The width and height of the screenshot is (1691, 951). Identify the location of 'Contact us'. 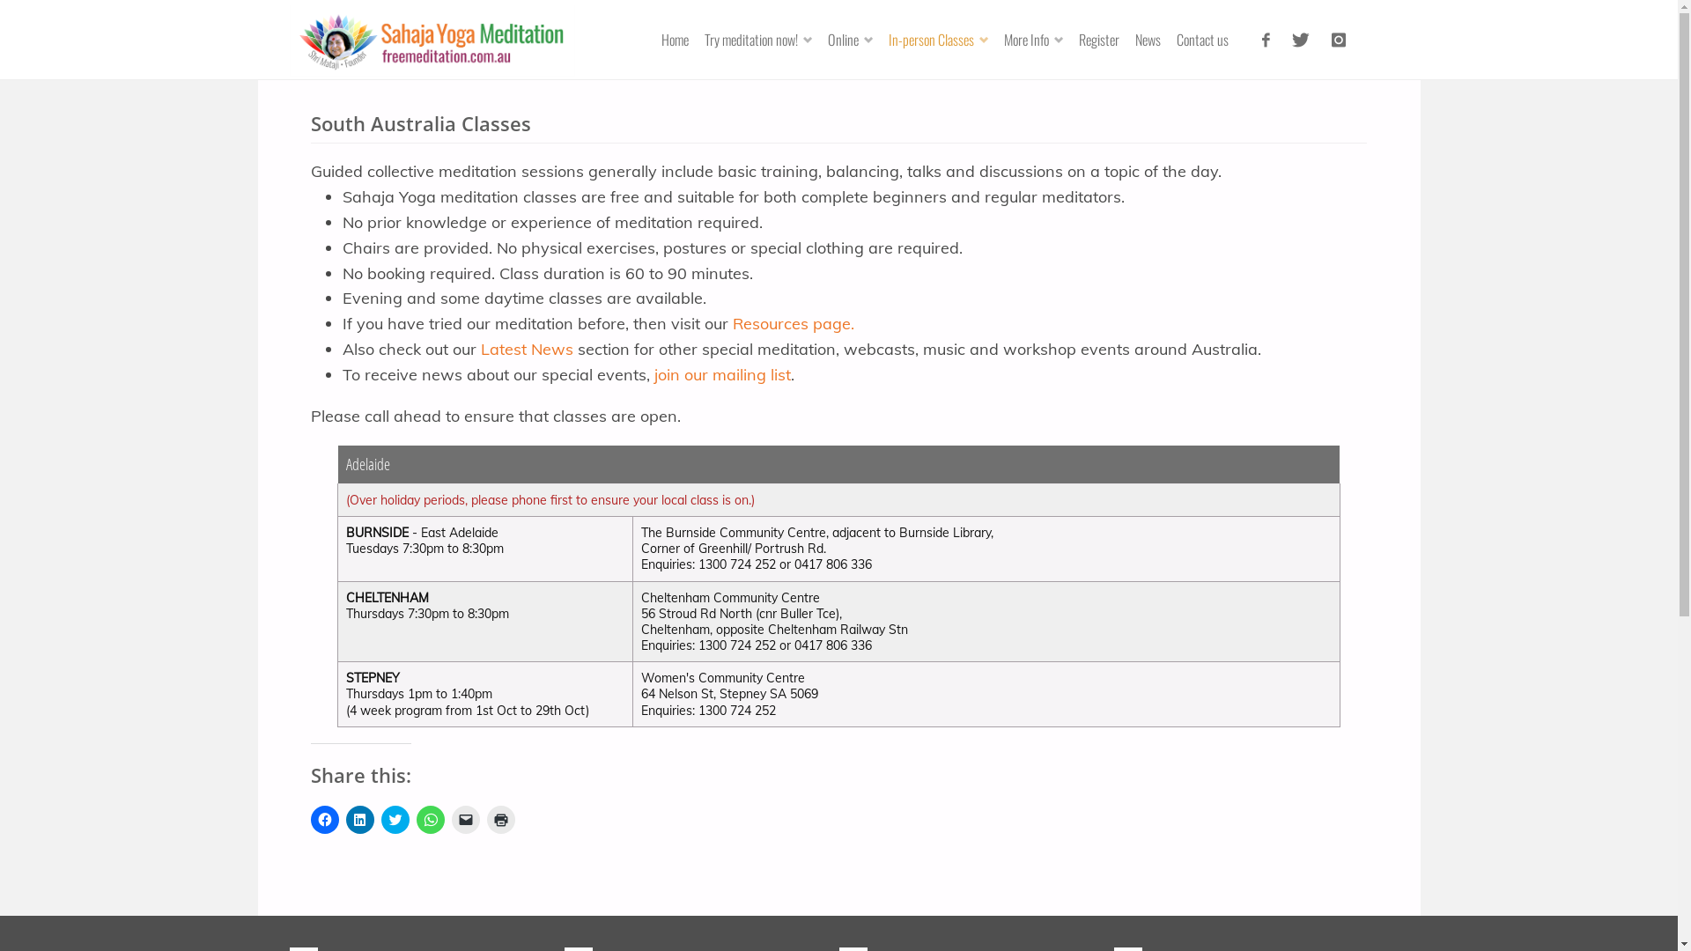
(1207, 40).